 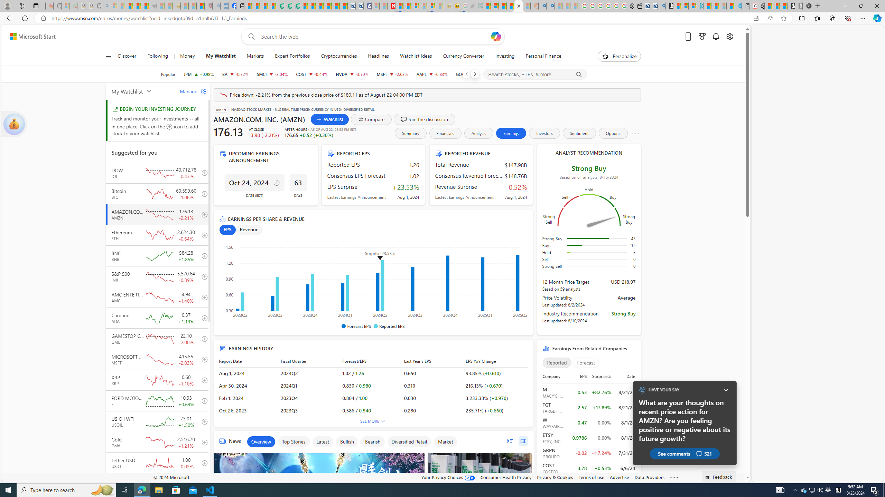 I want to click on 'Personal Finance', so click(x=543, y=56).